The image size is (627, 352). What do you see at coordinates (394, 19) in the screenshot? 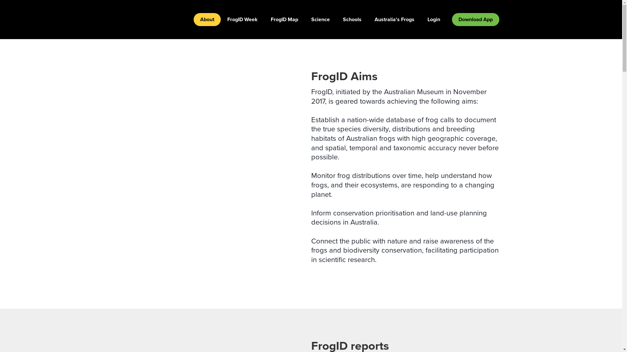
I see `'Australia's Frogs'` at bounding box center [394, 19].